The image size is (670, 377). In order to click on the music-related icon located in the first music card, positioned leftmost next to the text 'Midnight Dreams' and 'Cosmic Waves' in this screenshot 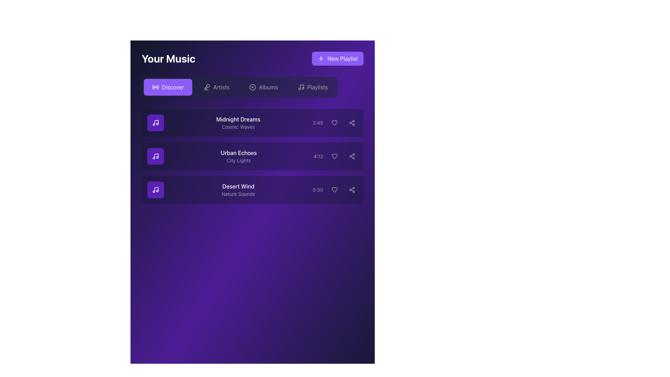, I will do `click(155, 122)`.